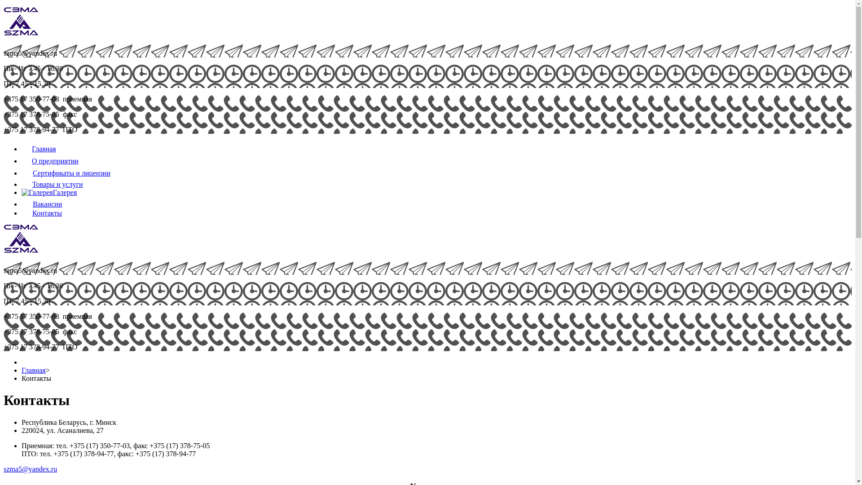 This screenshot has width=862, height=485. What do you see at coordinates (4, 468) in the screenshot?
I see `'szma5@yandex.ru'` at bounding box center [4, 468].